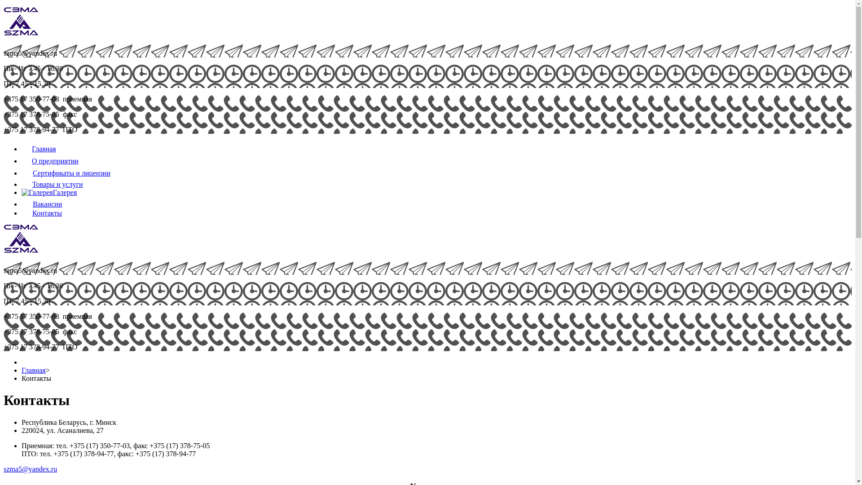 This screenshot has width=862, height=485. What do you see at coordinates (4, 468) in the screenshot?
I see `'szma5@yandex.ru'` at bounding box center [4, 468].